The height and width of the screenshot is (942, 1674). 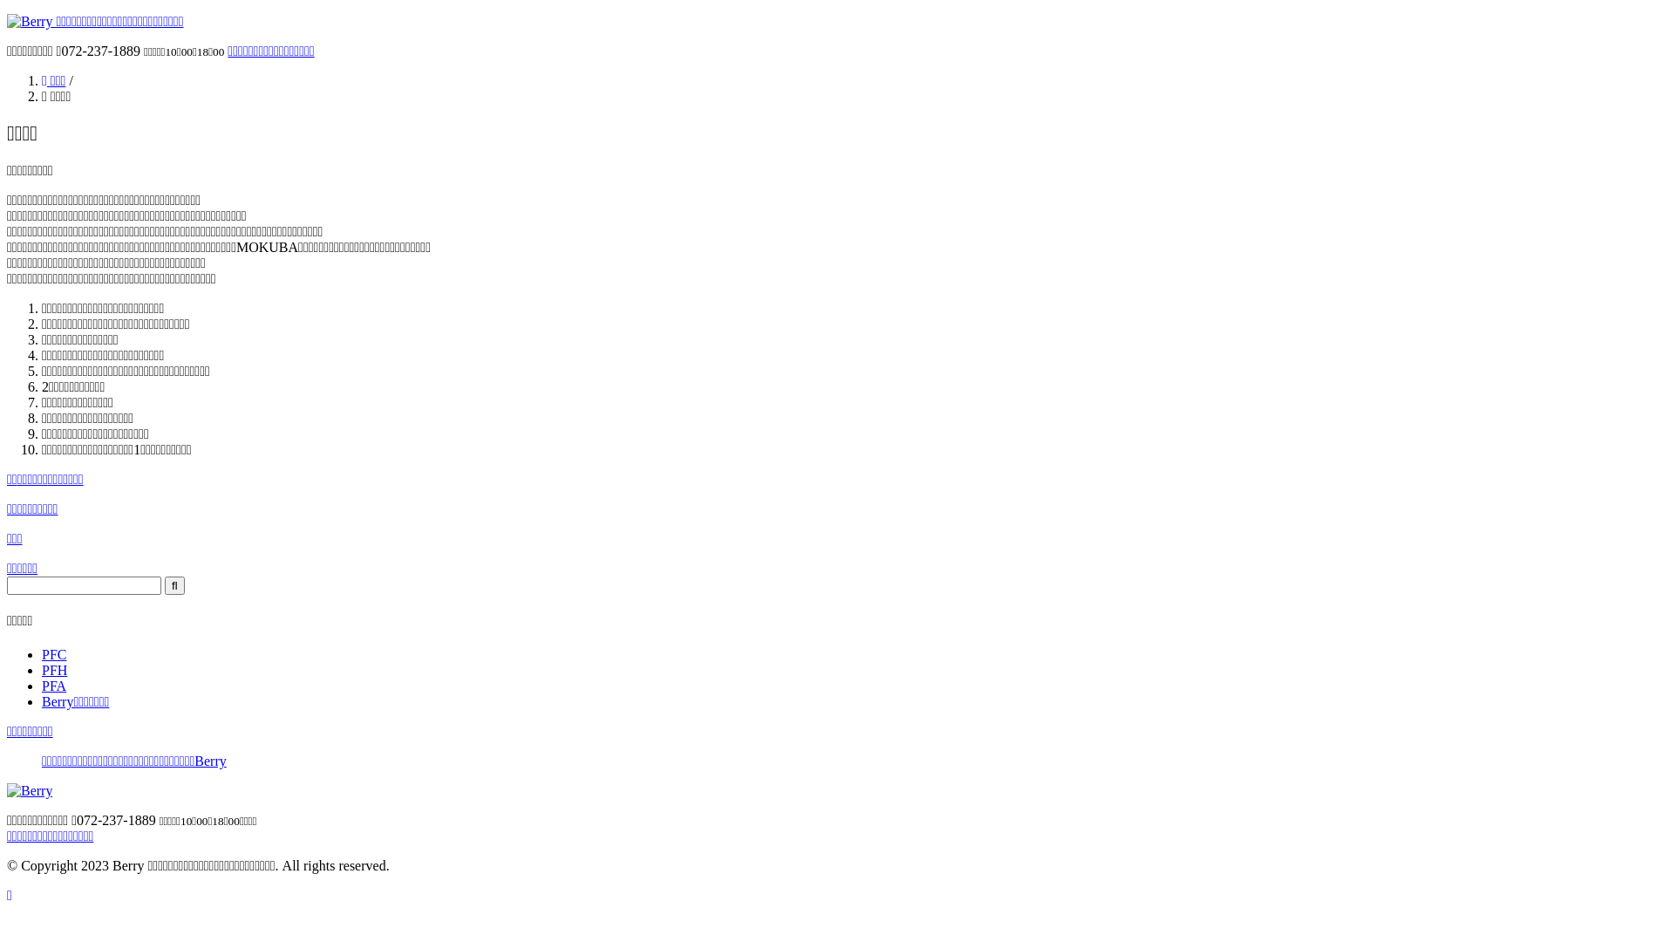 What do you see at coordinates (54, 669) in the screenshot?
I see `'PFH'` at bounding box center [54, 669].